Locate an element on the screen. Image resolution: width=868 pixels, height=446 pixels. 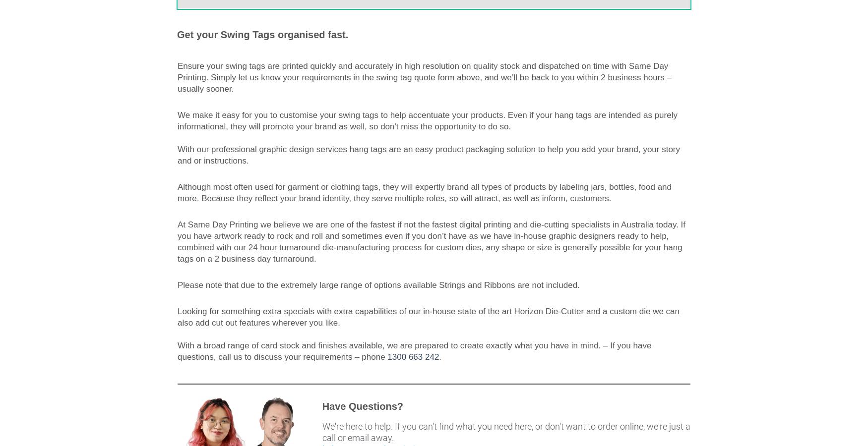
'Looking for something extra specials with extra capabilities of our in-house state of the art Horizon Die-Cutter and a custom die we can also add cut out features wherever you like.' is located at coordinates (428, 317).